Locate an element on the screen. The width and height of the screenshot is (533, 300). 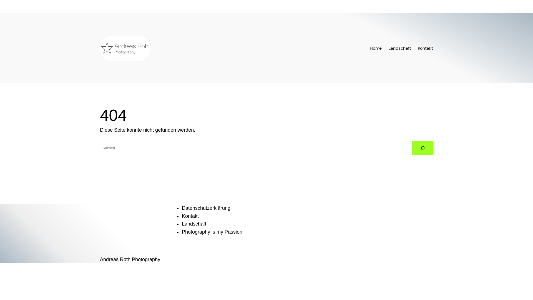
'Landschaft' is located at coordinates (388, 48).